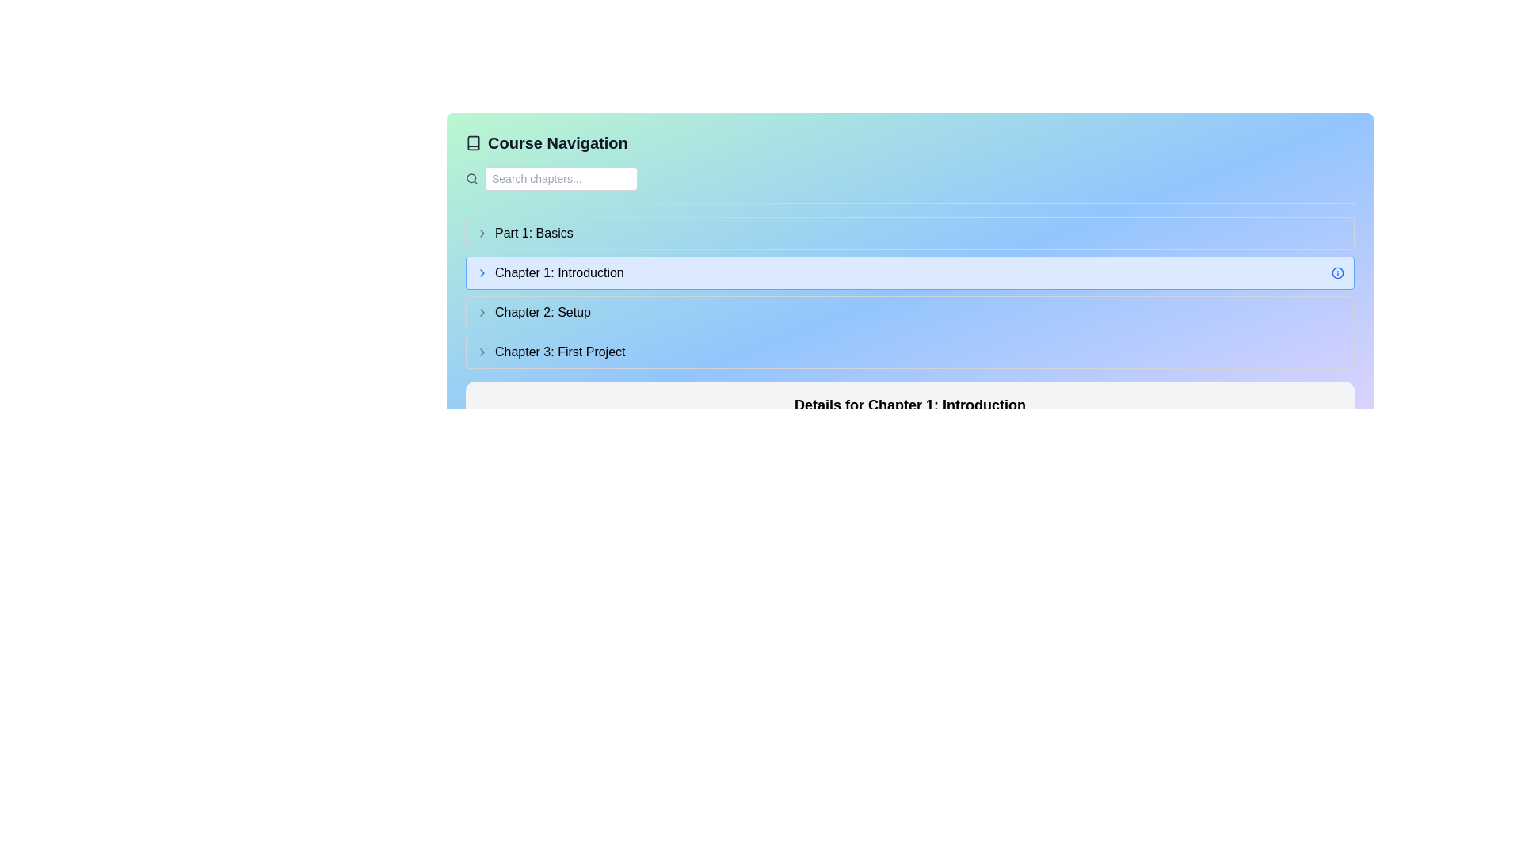  Describe the element at coordinates (909, 272) in the screenshot. I see `the selectable list item labeled 'Chapter 1: Introduction' which is the second item in the list` at that location.